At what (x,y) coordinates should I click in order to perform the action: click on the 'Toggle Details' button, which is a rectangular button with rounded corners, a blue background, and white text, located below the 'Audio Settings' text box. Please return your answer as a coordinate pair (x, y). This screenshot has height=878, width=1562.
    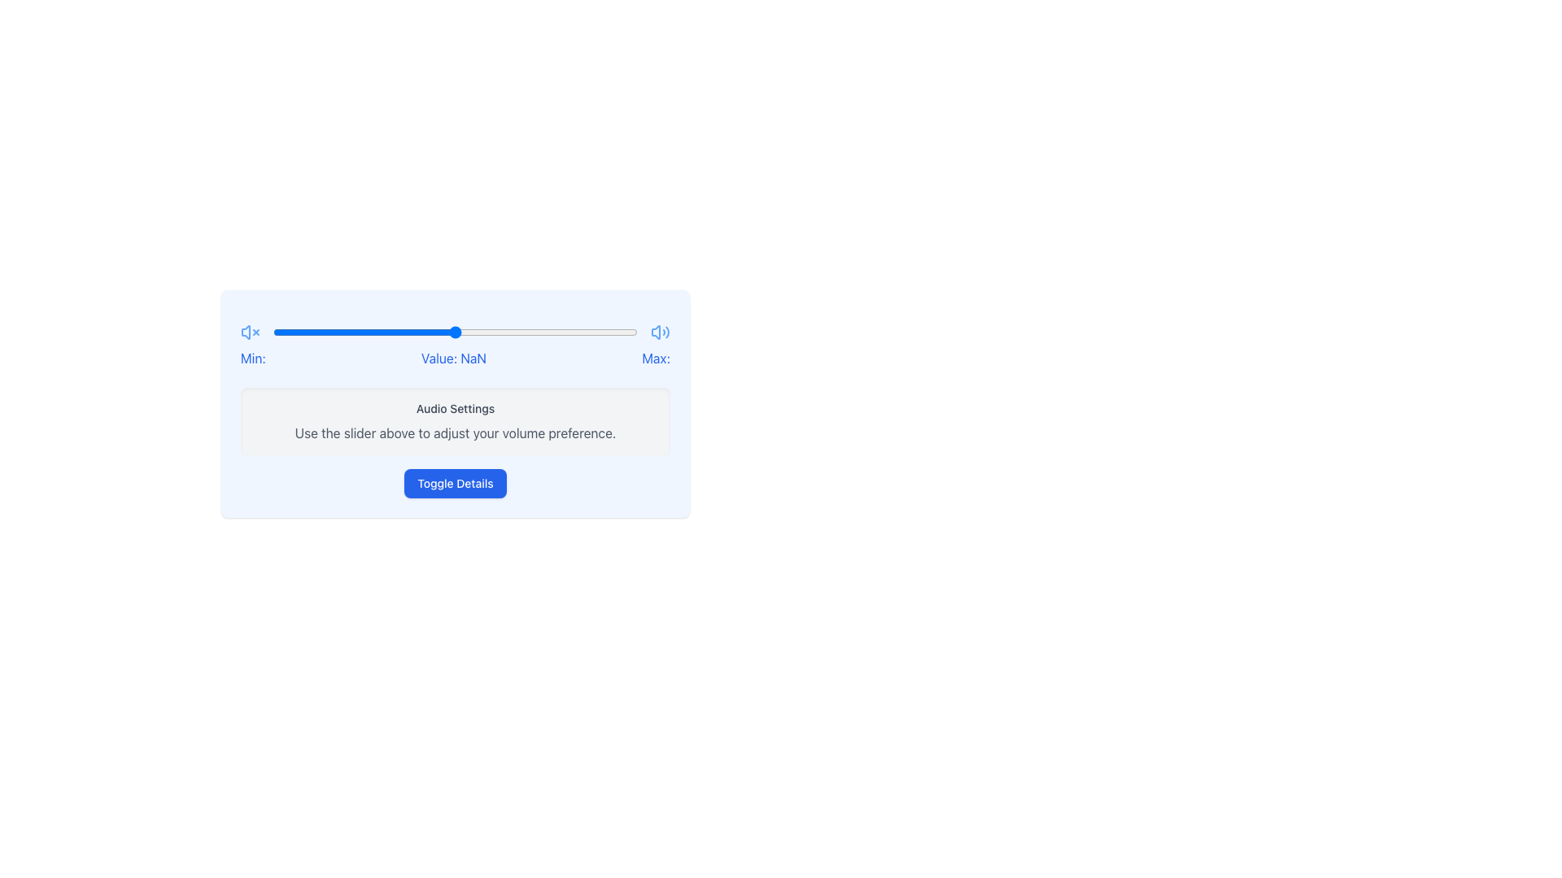
    Looking at the image, I should click on (456, 482).